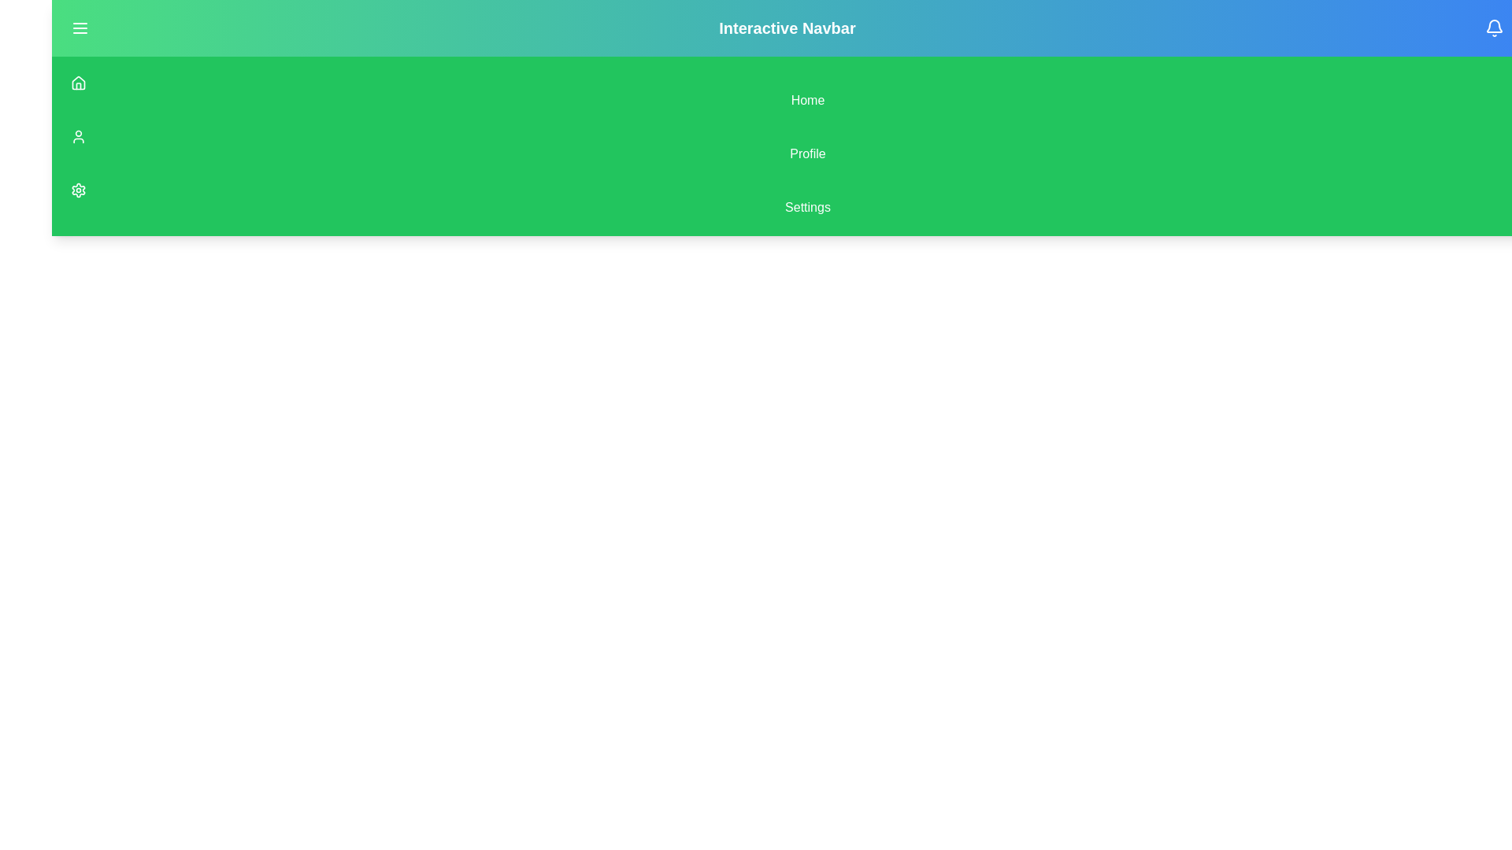  What do you see at coordinates (79, 28) in the screenshot?
I see `the toggle visibility button located on the far left of the navbar to change its background color` at bounding box center [79, 28].